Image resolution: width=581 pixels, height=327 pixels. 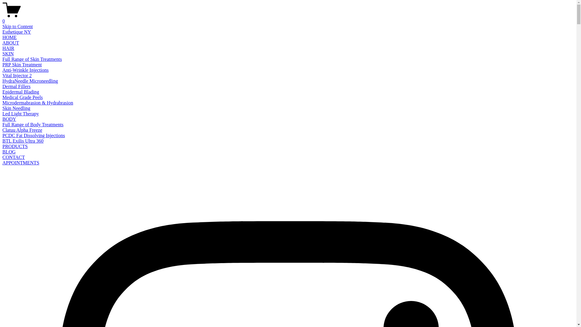 I want to click on 'BLOG', so click(x=9, y=151).